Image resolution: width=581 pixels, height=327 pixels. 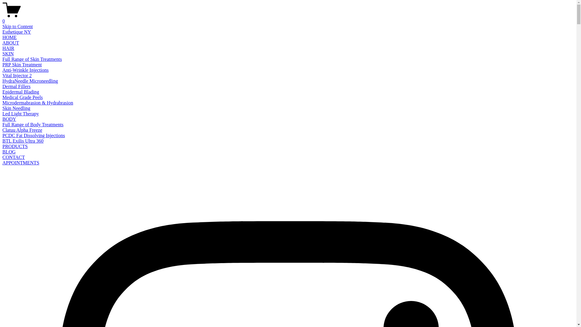 I want to click on 'BLOG', so click(x=9, y=151).